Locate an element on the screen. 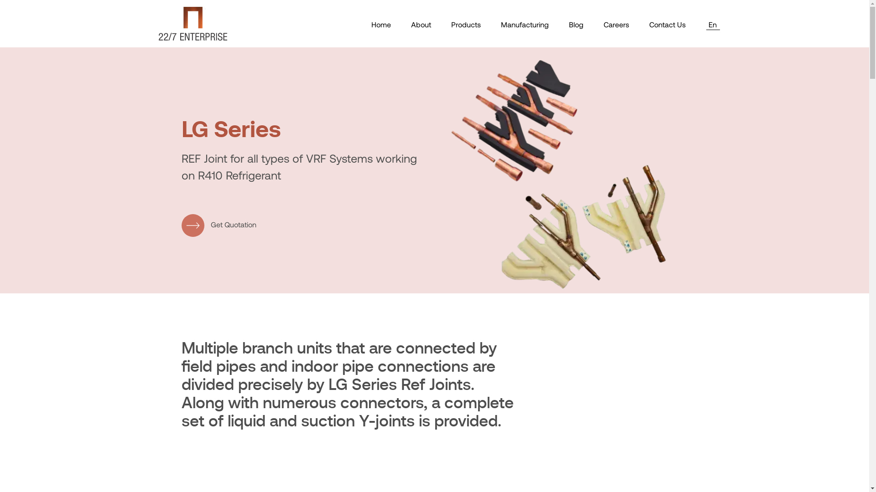 Image resolution: width=876 pixels, height=492 pixels. 'Products' is located at coordinates (465, 24).